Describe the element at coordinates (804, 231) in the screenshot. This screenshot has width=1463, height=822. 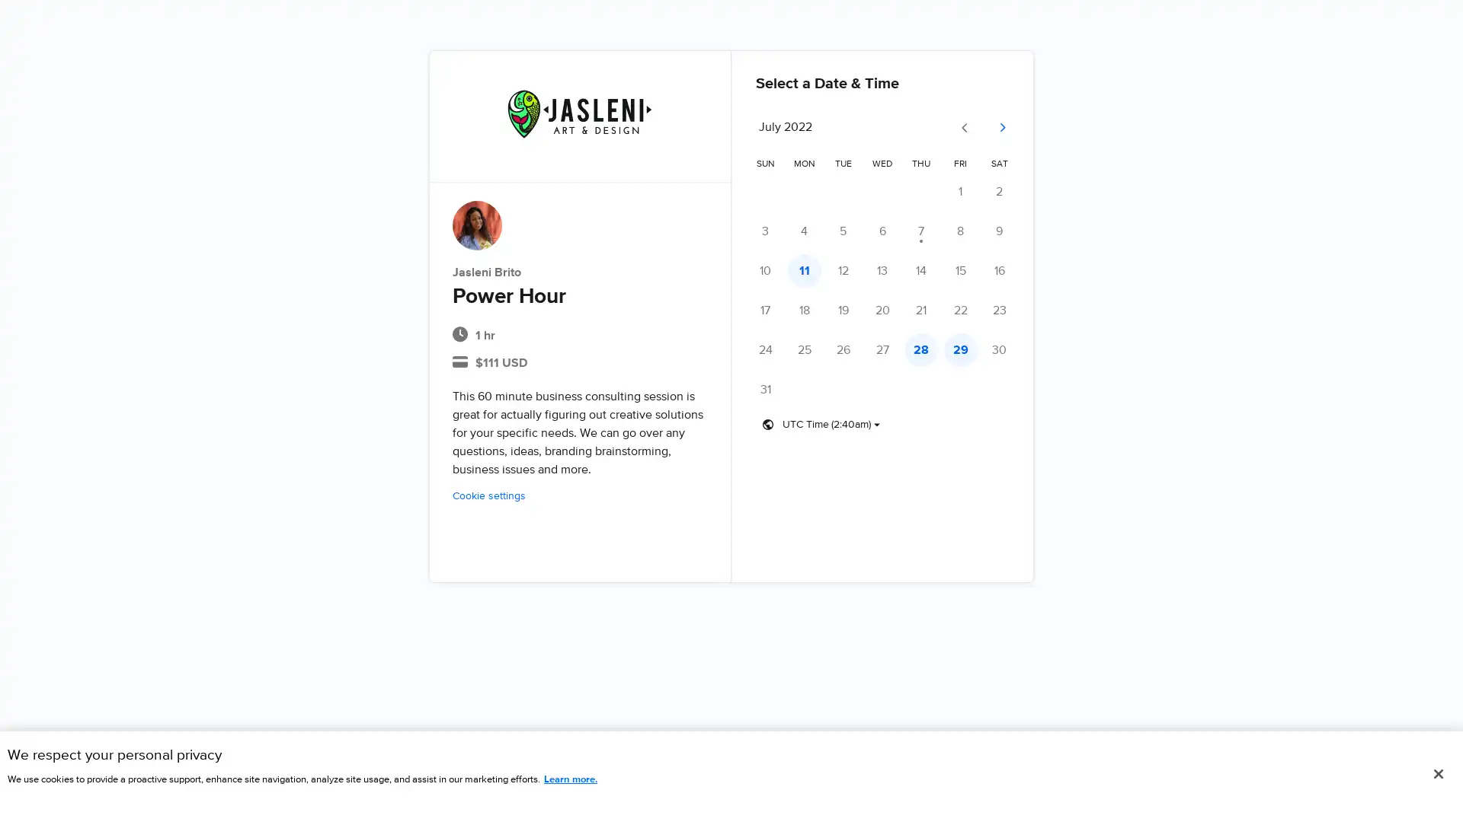
I see `Monday, July 4 - No times available` at that location.